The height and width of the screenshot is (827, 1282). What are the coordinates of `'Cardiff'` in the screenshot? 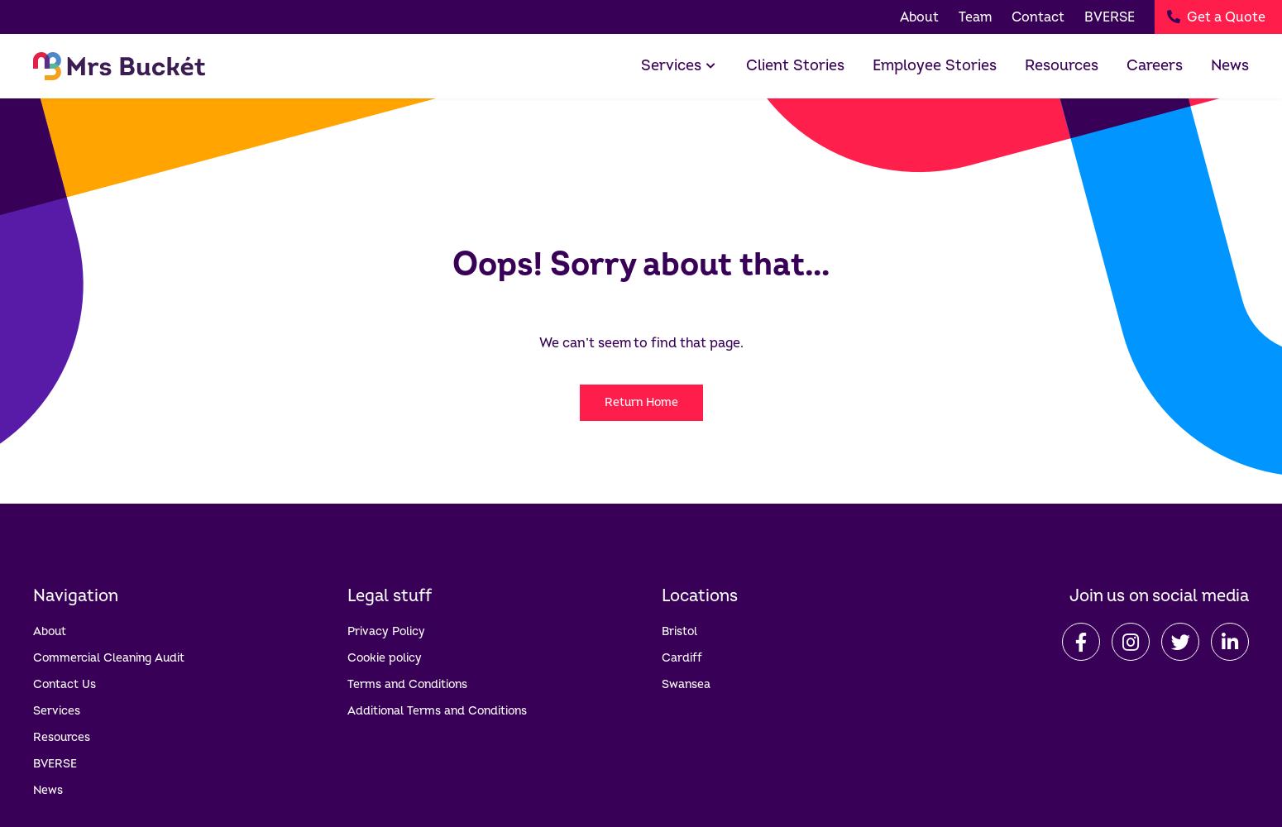 It's located at (681, 657).